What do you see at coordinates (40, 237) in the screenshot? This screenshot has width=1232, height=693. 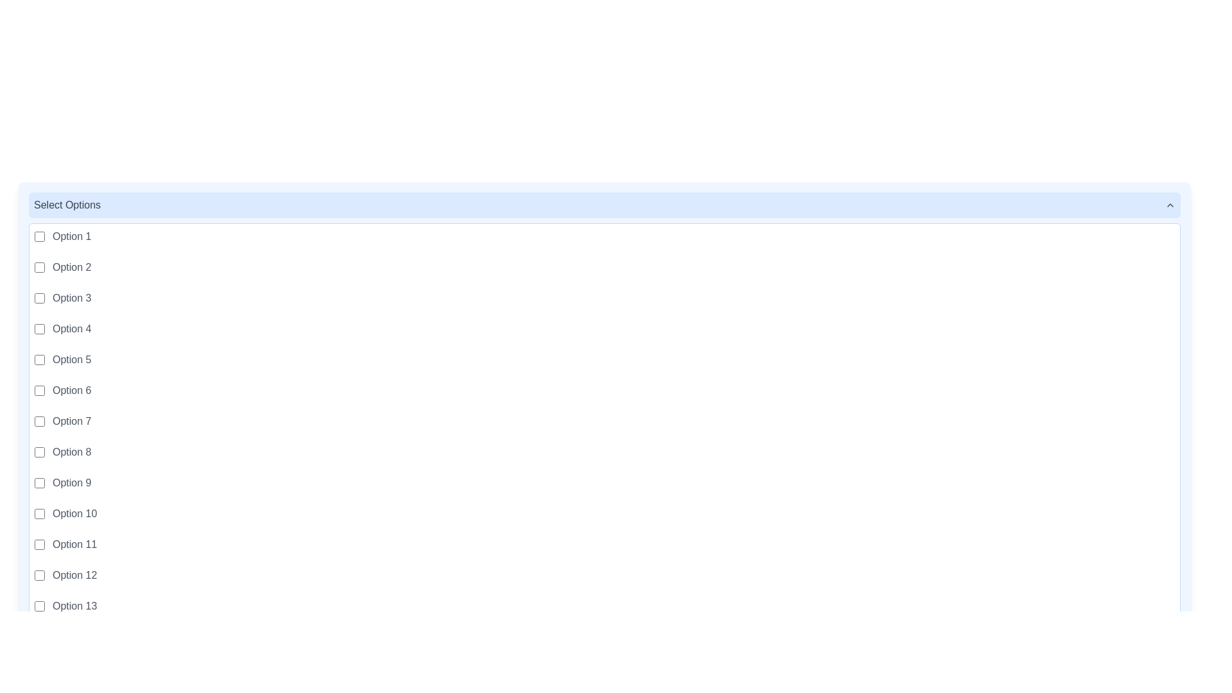 I see `label text associated with the first checkbox labeled 'Option 1' located in the top-left quadrant of the interface under 'Select Options'` at bounding box center [40, 237].